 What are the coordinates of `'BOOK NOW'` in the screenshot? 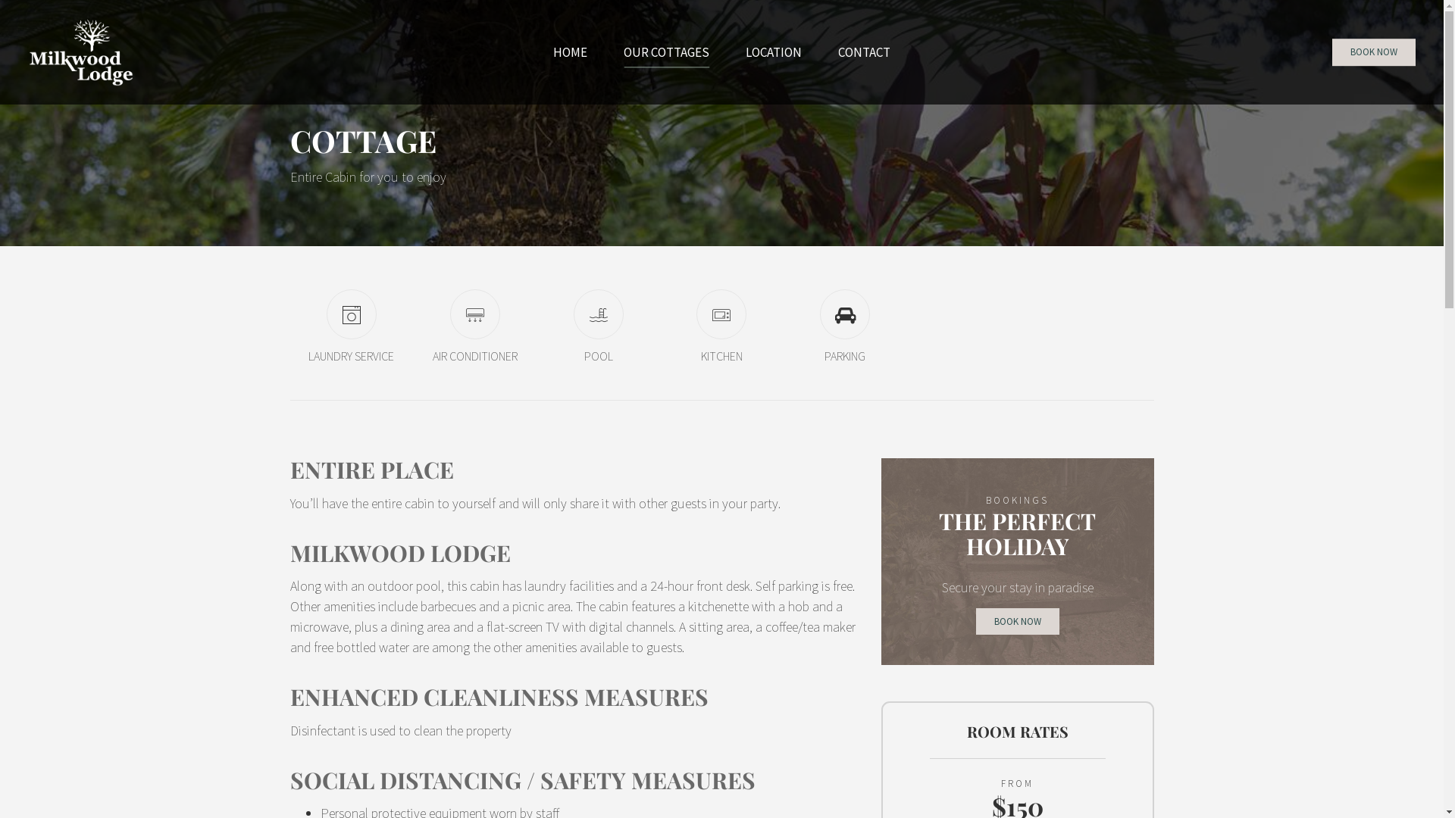 It's located at (1374, 52).